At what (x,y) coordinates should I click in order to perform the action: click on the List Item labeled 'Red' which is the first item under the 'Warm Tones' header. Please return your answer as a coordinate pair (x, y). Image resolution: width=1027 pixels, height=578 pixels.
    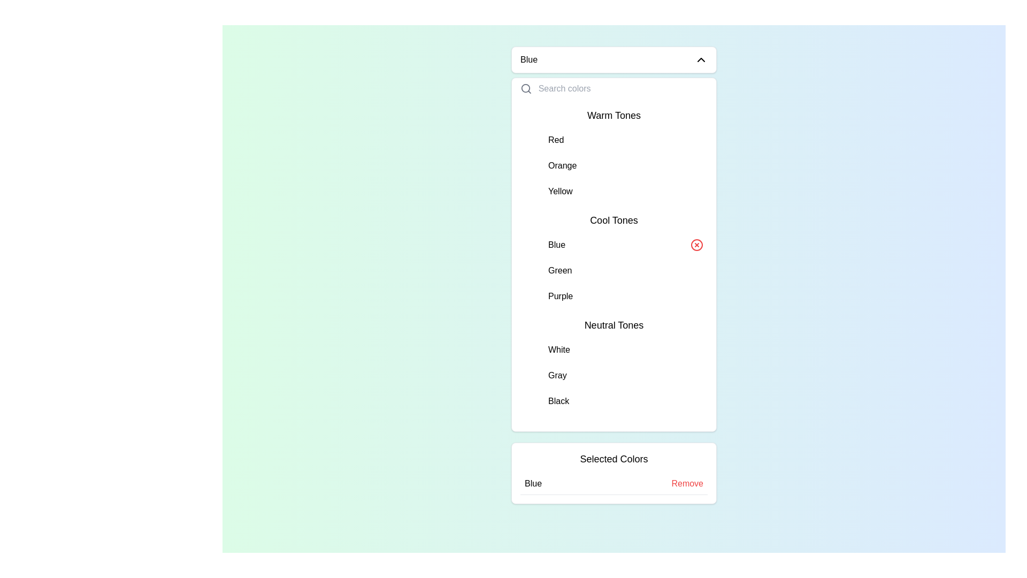
    Looking at the image, I should click on (614, 140).